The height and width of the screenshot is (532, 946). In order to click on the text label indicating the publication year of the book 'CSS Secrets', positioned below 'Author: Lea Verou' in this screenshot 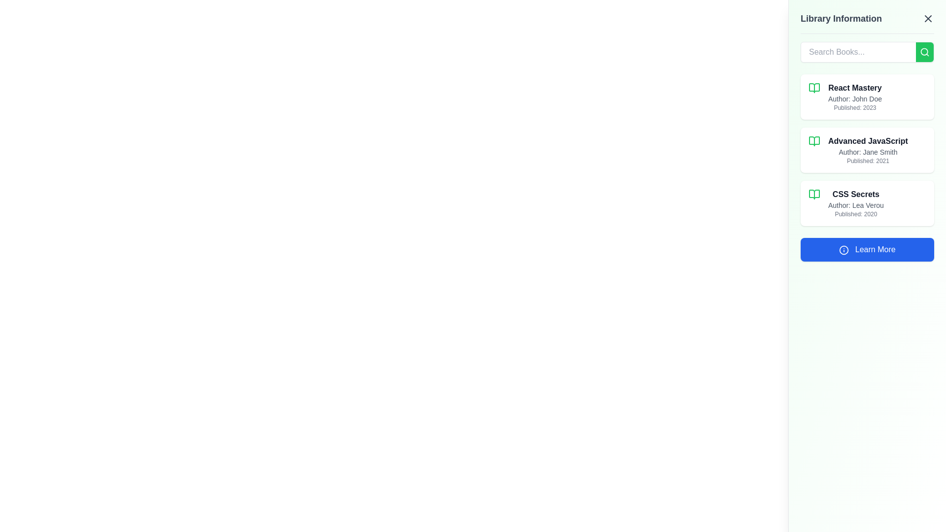, I will do `click(855, 214)`.